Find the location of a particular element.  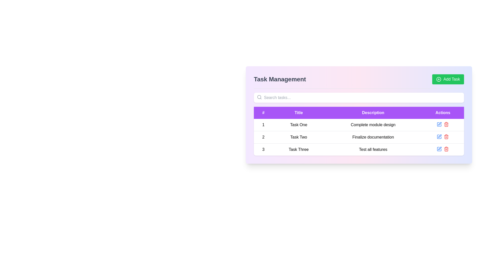

the text display that shows 'Complete module design' in the 'Description' column of the first row of the task table is located at coordinates (373, 125).